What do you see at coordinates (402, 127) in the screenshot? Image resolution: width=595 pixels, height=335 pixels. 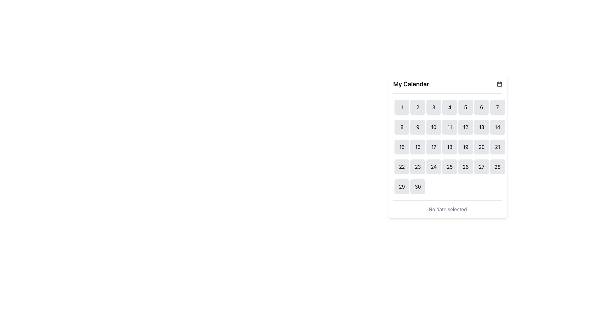 I see `the square-shaped button with rounded corners displaying the number '8' in black, located in the second row, first column of the My Calendar grid` at bounding box center [402, 127].